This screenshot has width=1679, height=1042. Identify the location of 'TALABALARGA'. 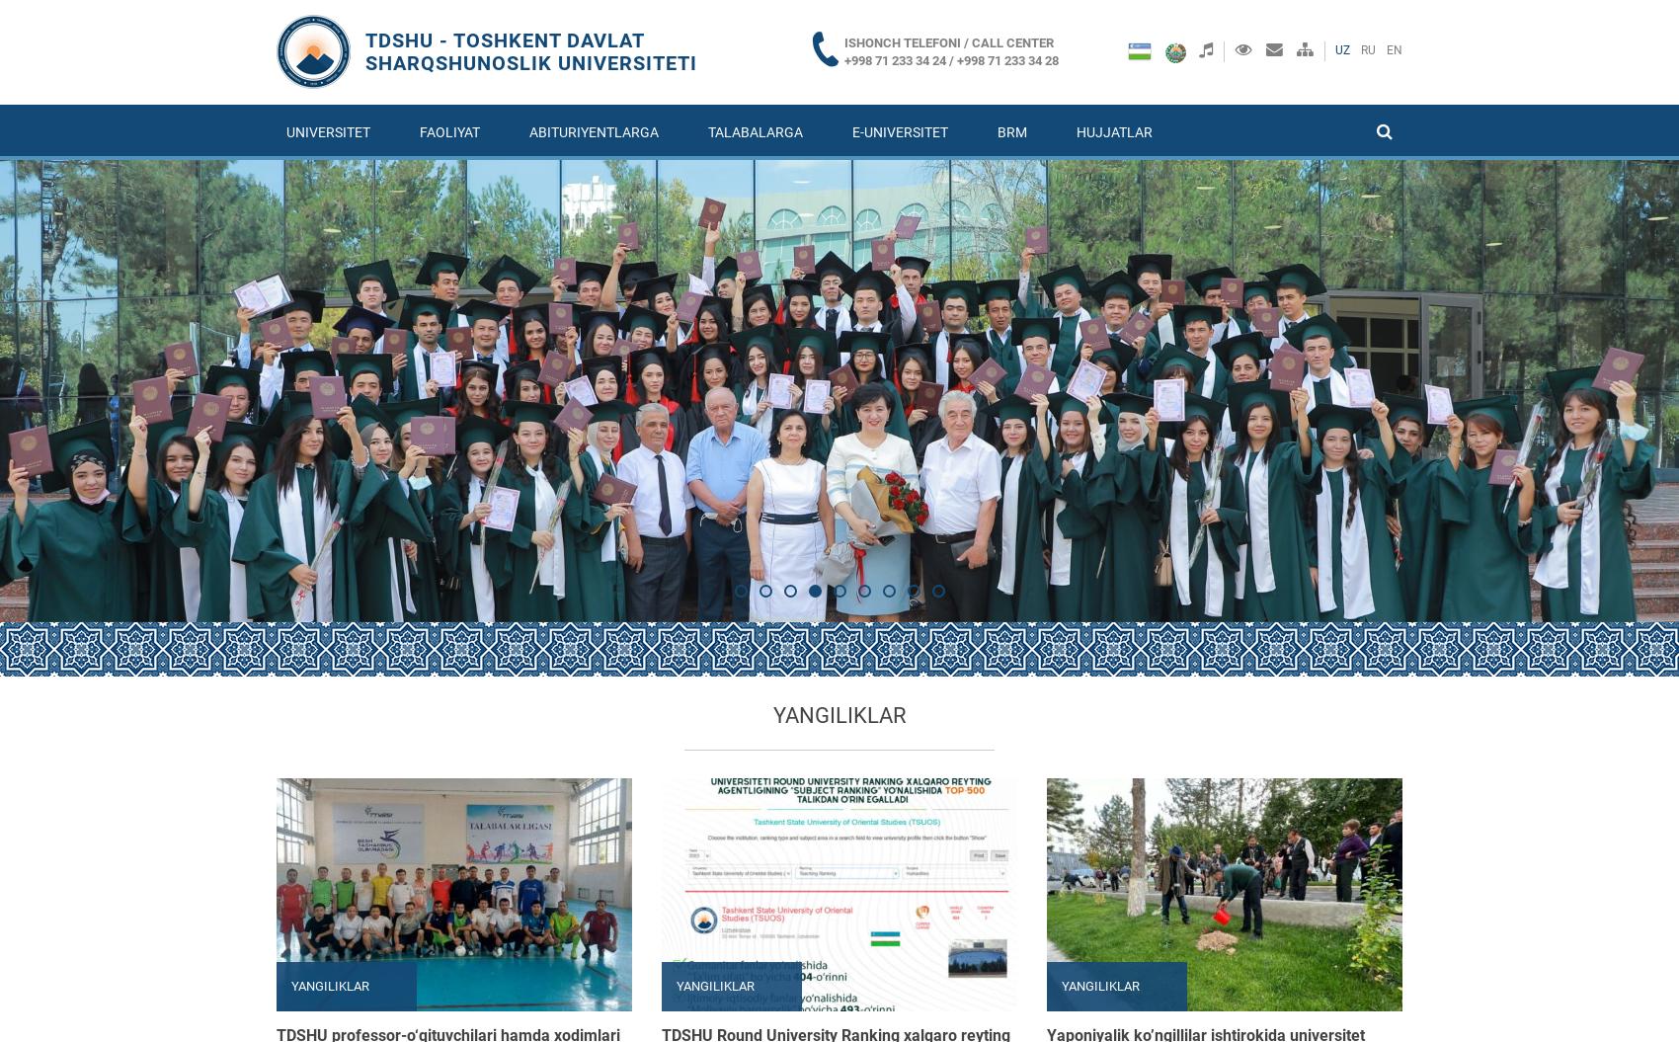
(708, 131).